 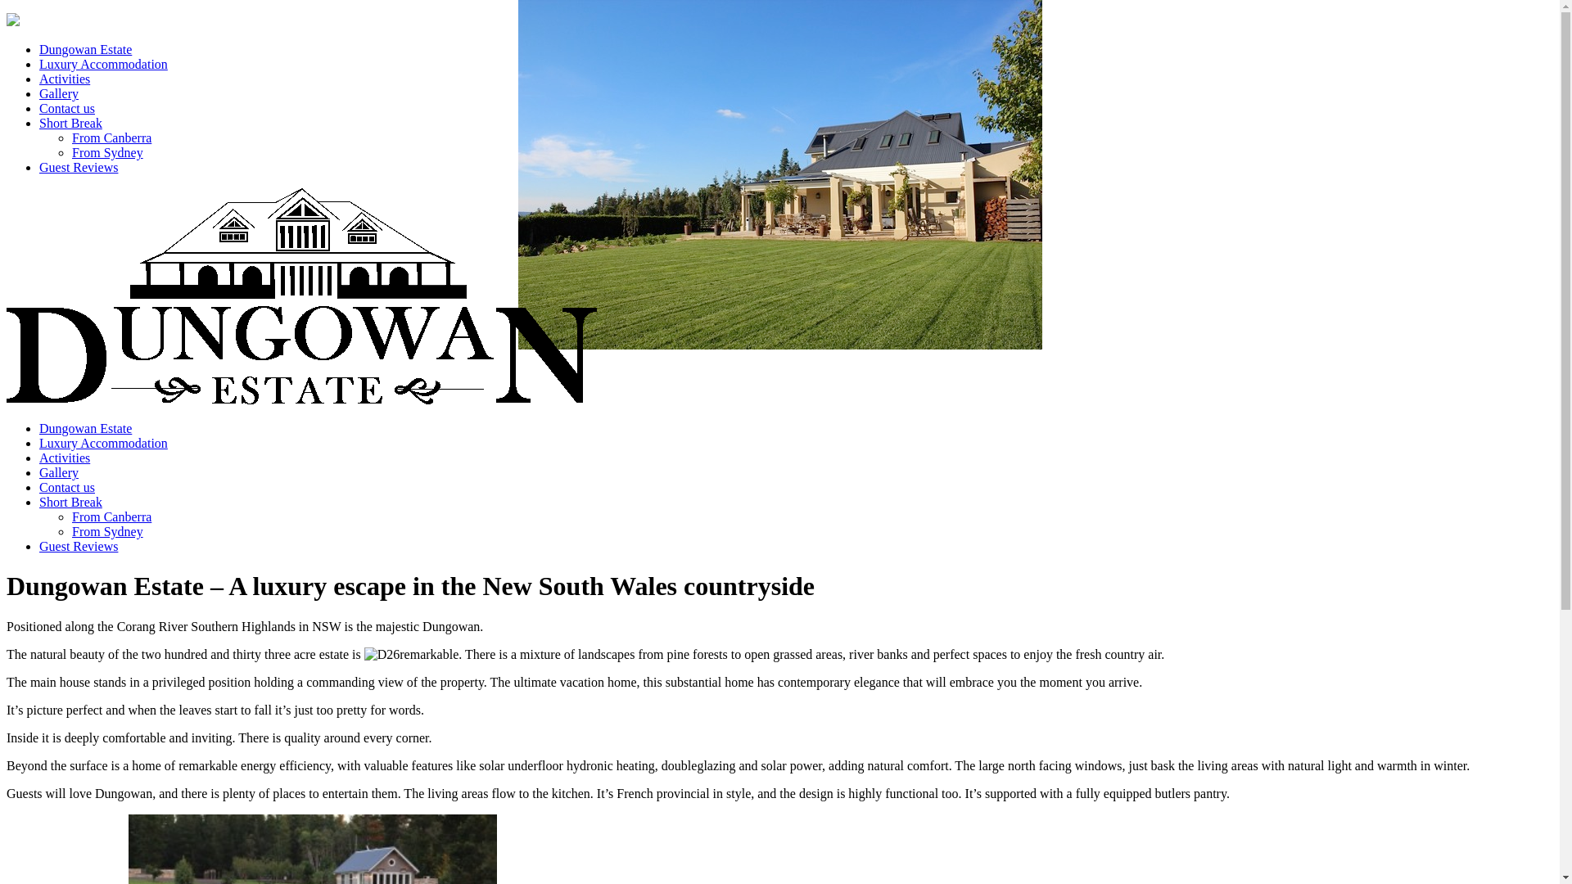 I want to click on 'Luxury Accommodation', so click(x=39, y=63).